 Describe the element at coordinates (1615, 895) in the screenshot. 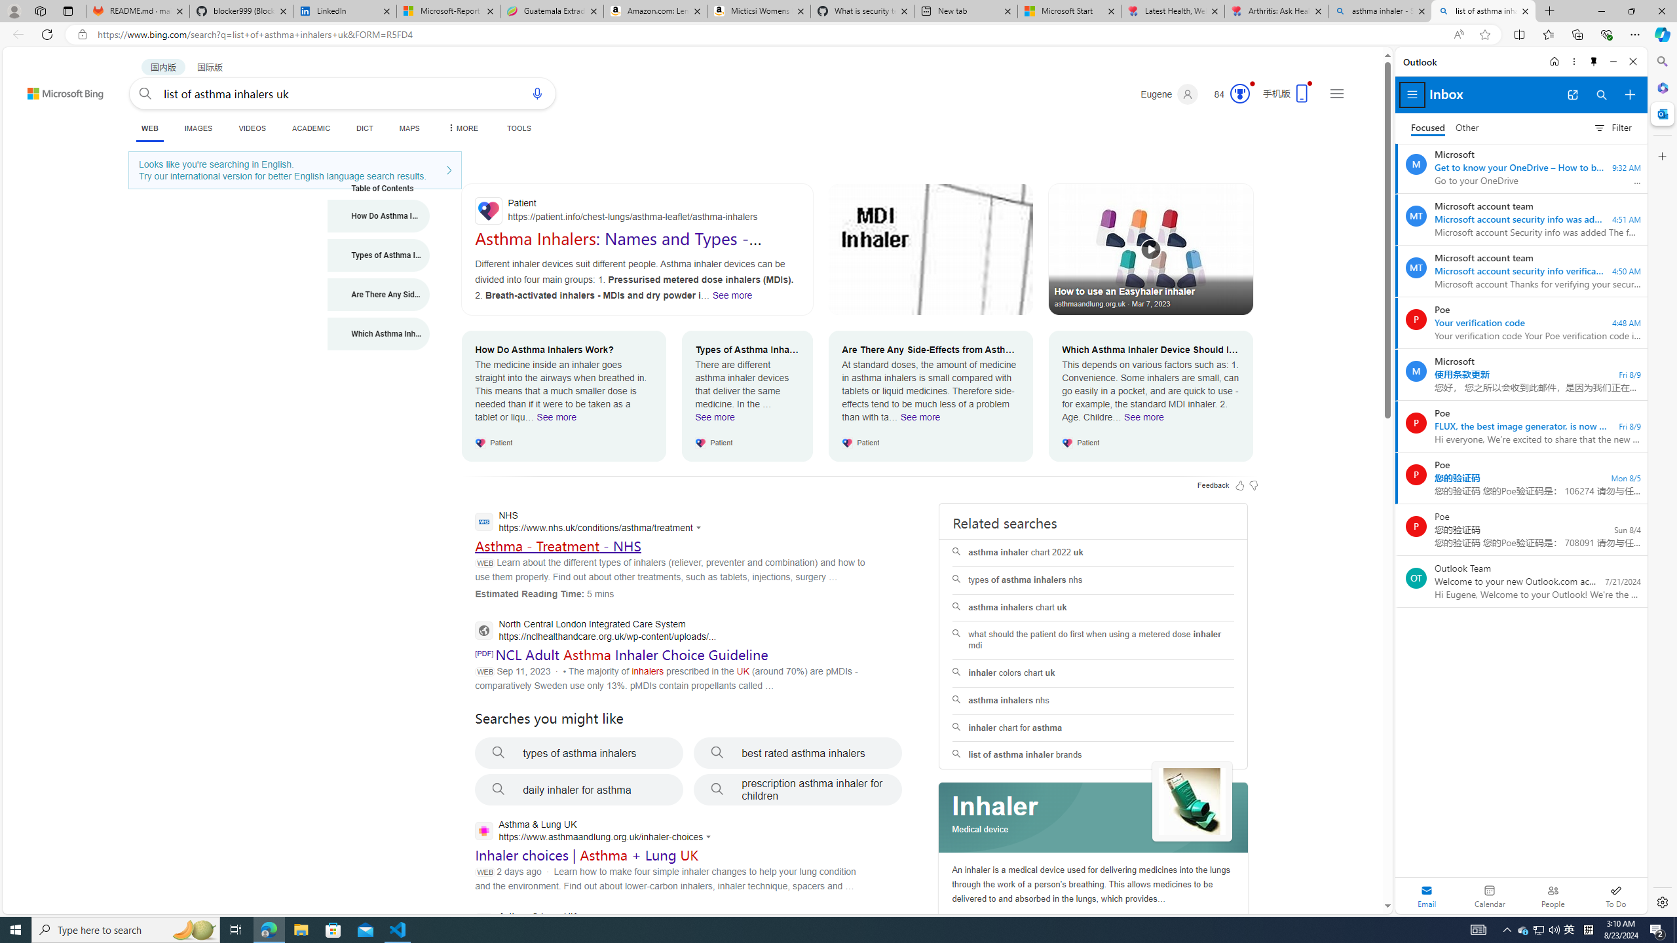

I see `'To Do'` at that location.